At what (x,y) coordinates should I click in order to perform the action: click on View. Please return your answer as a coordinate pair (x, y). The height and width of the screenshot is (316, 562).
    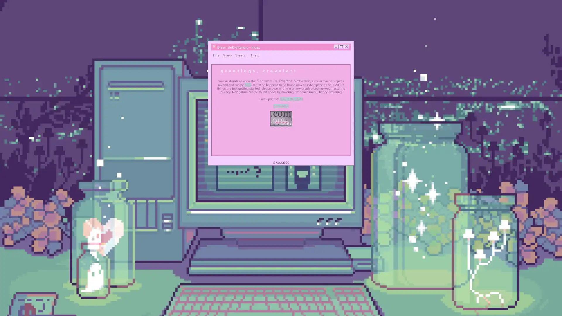
    Looking at the image, I should click on (227, 55).